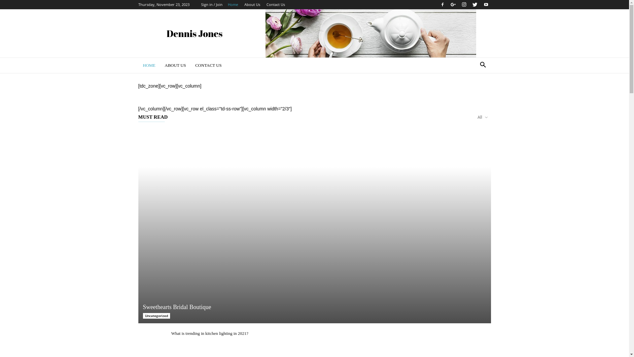  What do you see at coordinates (453, 5) in the screenshot?
I see `'Google+'` at bounding box center [453, 5].